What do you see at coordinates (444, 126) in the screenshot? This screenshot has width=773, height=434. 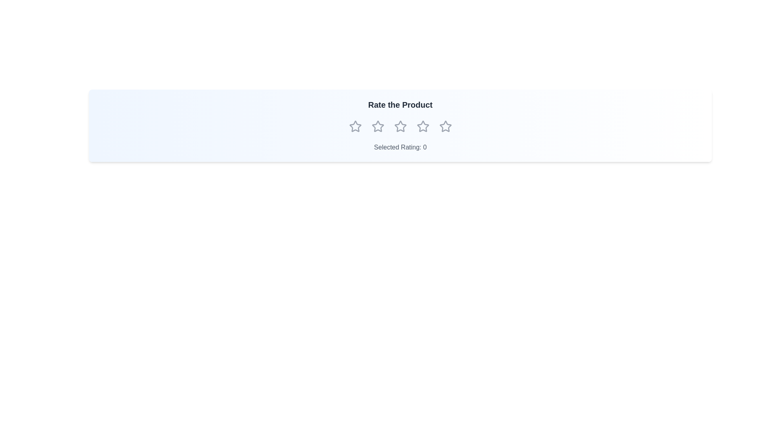 I see `the fifth star in the horizontal row of rating stars to rate the product, which is located under the title 'Rate the Product'` at bounding box center [444, 126].